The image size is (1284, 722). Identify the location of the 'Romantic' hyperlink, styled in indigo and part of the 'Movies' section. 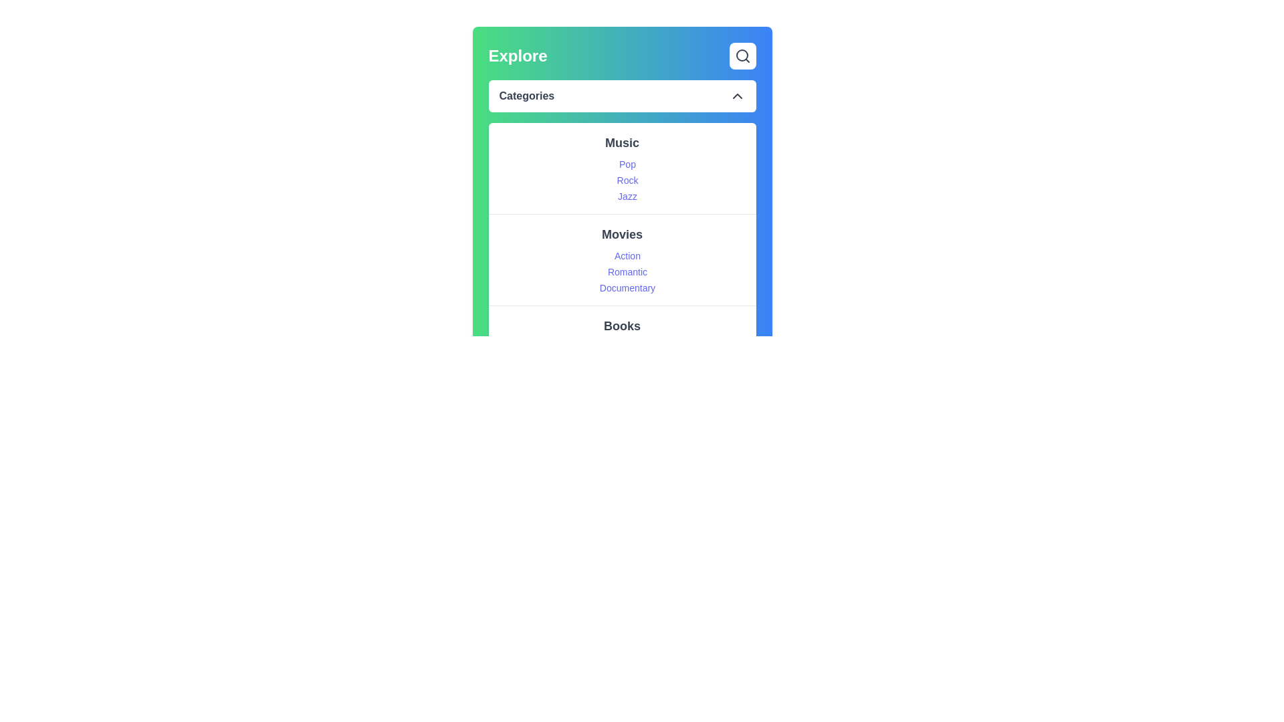
(627, 271).